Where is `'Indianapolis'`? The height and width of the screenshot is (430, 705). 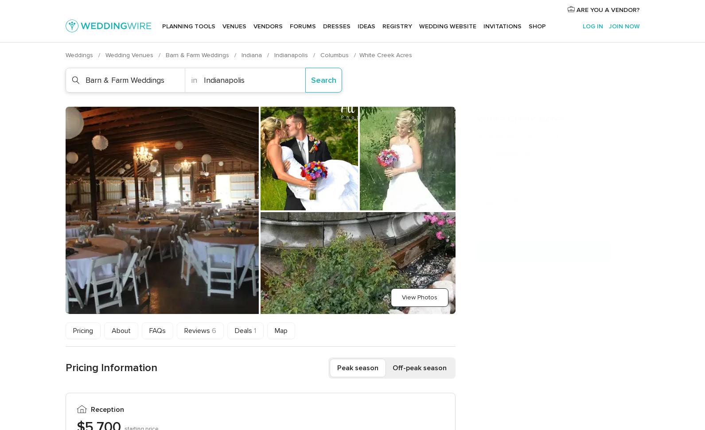
'Indianapolis' is located at coordinates (292, 55).